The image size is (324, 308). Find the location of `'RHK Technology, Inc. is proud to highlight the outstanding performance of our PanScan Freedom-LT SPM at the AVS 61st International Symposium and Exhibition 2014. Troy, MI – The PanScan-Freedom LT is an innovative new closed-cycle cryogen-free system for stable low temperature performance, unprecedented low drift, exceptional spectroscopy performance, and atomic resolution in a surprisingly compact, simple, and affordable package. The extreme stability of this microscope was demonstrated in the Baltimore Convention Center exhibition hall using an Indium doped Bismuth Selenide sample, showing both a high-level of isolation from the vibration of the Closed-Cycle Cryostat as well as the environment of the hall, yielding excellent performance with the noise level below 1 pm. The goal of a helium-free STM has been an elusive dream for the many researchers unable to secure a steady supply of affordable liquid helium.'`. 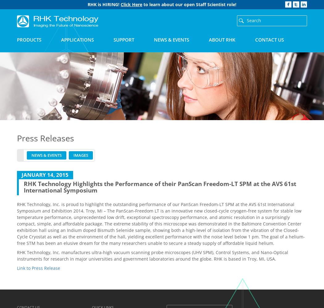

'RHK Technology, Inc. is proud to highlight the outstanding performance of our PanScan Freedom-LT SPM at the AVS 61st International Symposium and Exhibition 2014. Troy, MI – The PanScan-Freedom LT is an innovative new closed-cycle cryogen-free system for stable low temperature performance, unprecedented low drift, exceptional spectroscopy performance, and atomic resolution in a surprisingly compact, simple, and affordable package. The extreme stability of this microscope was demonstrated in the Baltimore Convention Center exhibition hall using an Indium doped Bismuth Selenide sample, showing both a high-level of isolation from the vibration of the Closed-Cycle Cryostat as well as the environment of the hall, yielding excellent performance with the noise level below 1 pm. The goal of a helium-free STM has been an elusive dream for the many researchers unable to secure a steady supply of affordable liquid helium.' is located at coordinates (17, 223).